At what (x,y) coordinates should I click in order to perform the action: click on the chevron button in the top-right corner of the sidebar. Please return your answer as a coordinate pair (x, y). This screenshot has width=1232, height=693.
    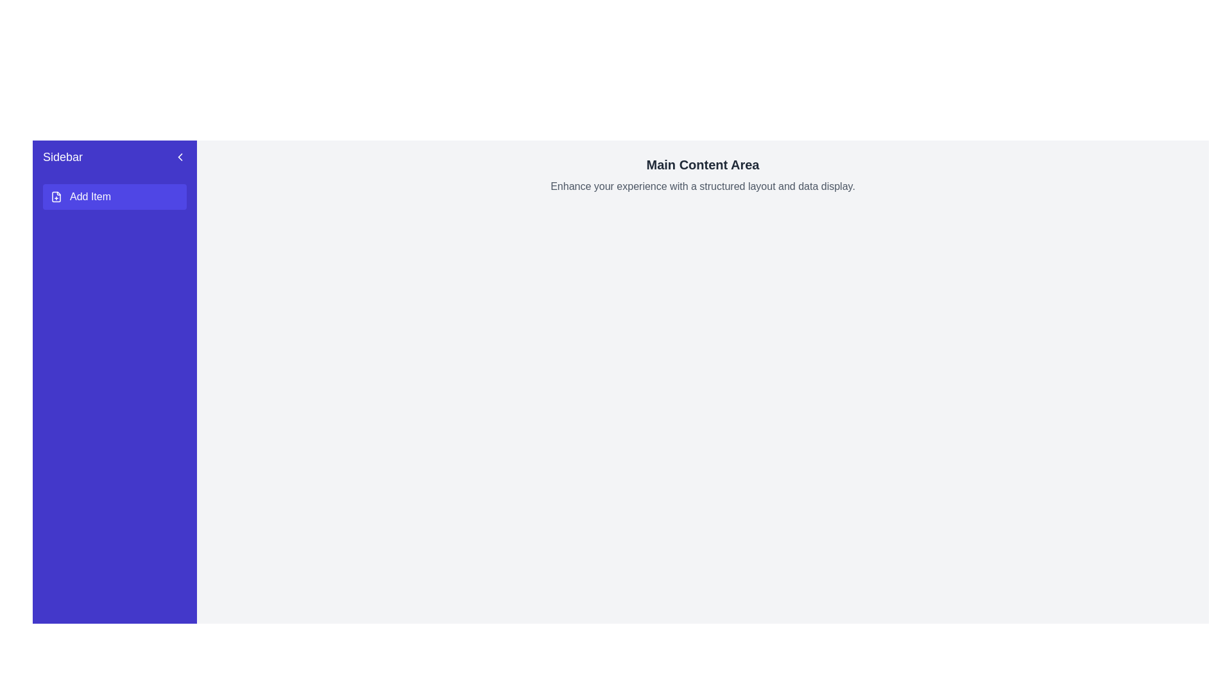
    Looking at the image, I should click on (180, 157).